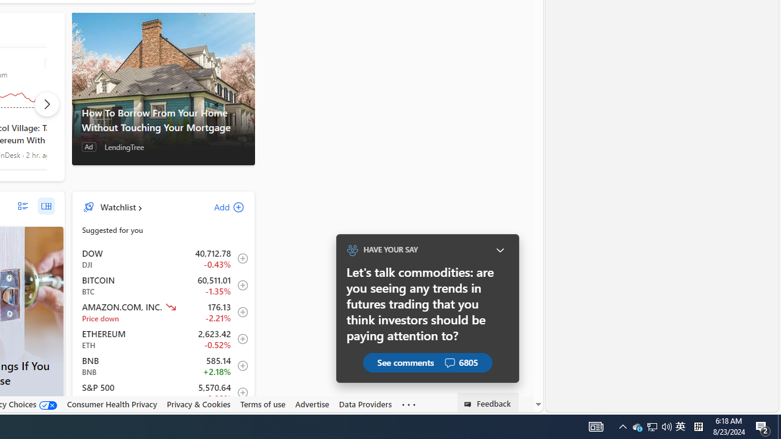 The image size is (781, 439). I want to click on 'Privacy & Cookies', so click(198, 404).